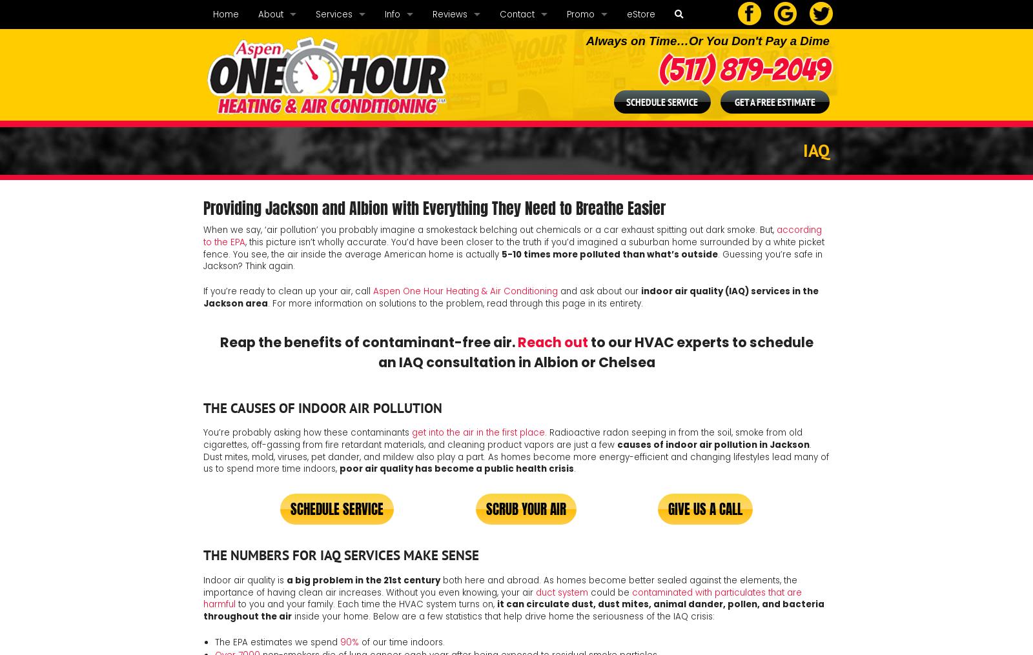  Describe the element at coordinates (609, 254) in the screenshot. I see `'5-10 times more polluted than what’s outside'` at that location.